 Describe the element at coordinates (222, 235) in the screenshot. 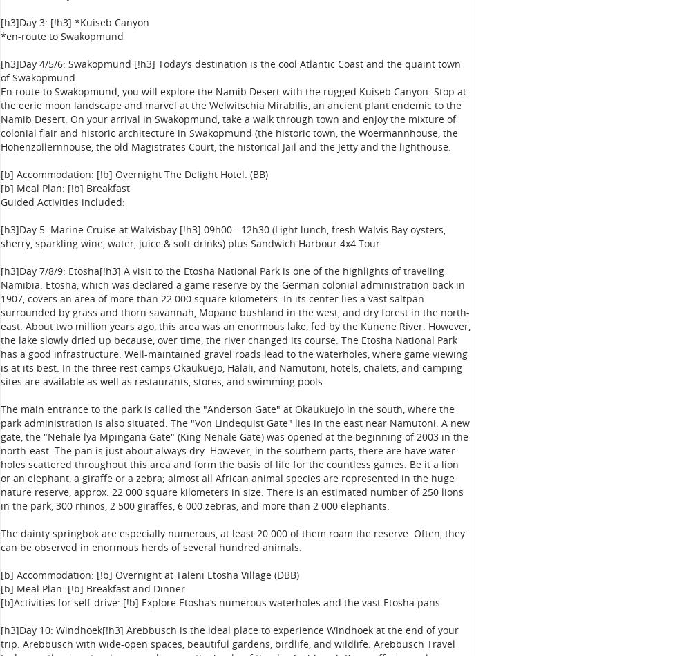

I see `'[h3]Day 5: Marine Cruise at Walvisbay [!h3] 09h00 - 12h30 (Light lunch, fresh Walvis Bay oysters, sherry, sparkling wine, water, juice & soft drinks) plus Sandwich Harbour 4x4 Tour'` at that location.